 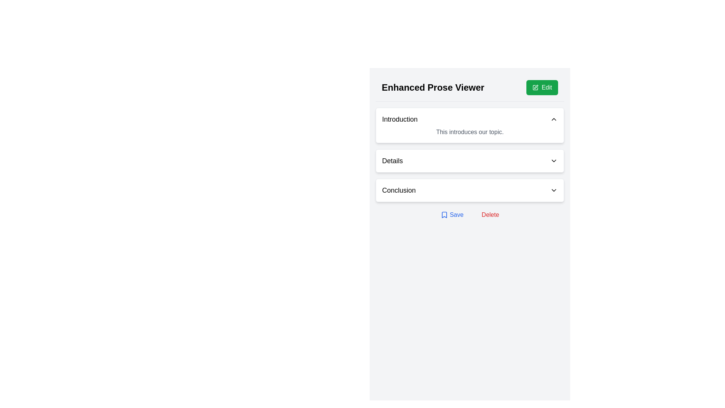 I want to click on the Chevron icon located at the far right of the 'Introduction' section header to trigger a tooltip, so click(x=554, y=119).